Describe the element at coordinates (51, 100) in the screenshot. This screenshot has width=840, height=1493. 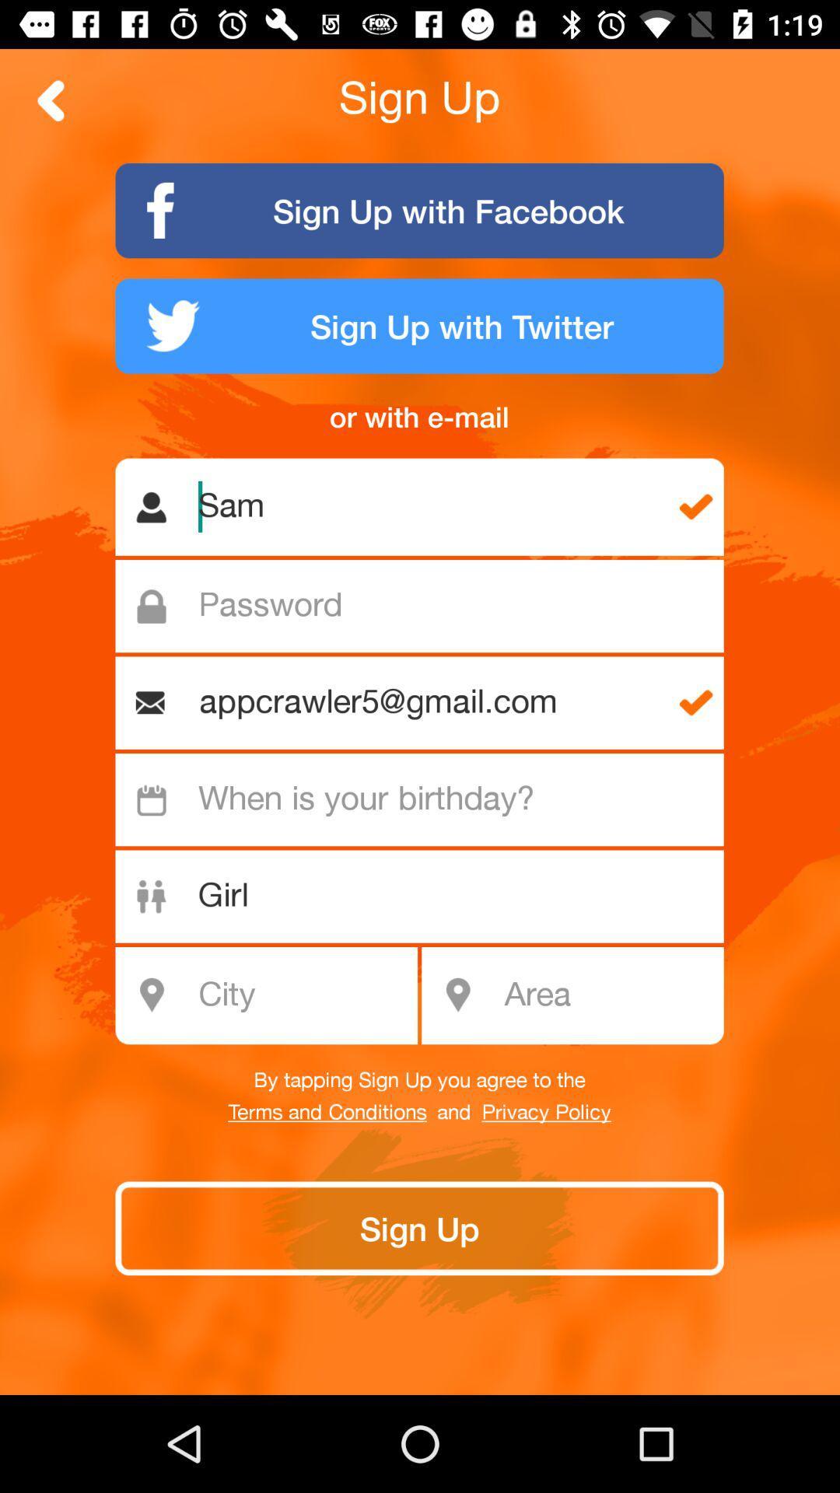
I see `the arrow_backward icon` at that location.